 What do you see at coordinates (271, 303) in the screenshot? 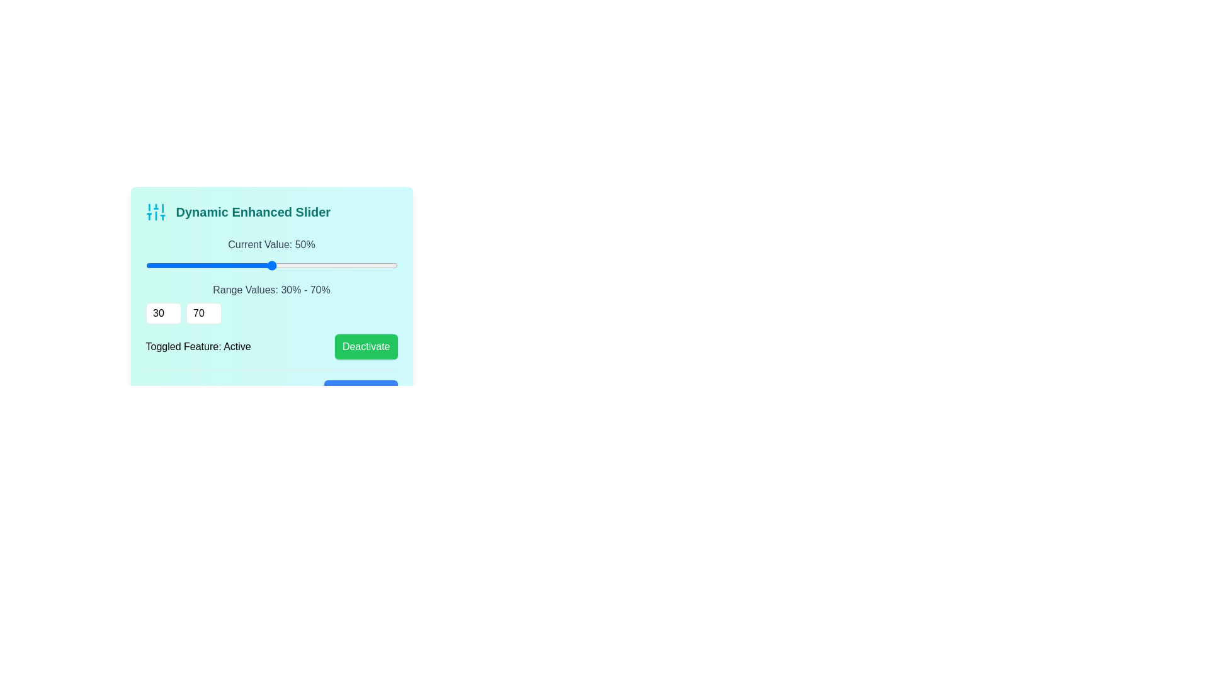
I see `the label indicating the range values for the slider, which is positioned below the 'Current Value: 50%' slider and above the 'Toggled Feature: Active' toggle` at bounding box center [271, 303].